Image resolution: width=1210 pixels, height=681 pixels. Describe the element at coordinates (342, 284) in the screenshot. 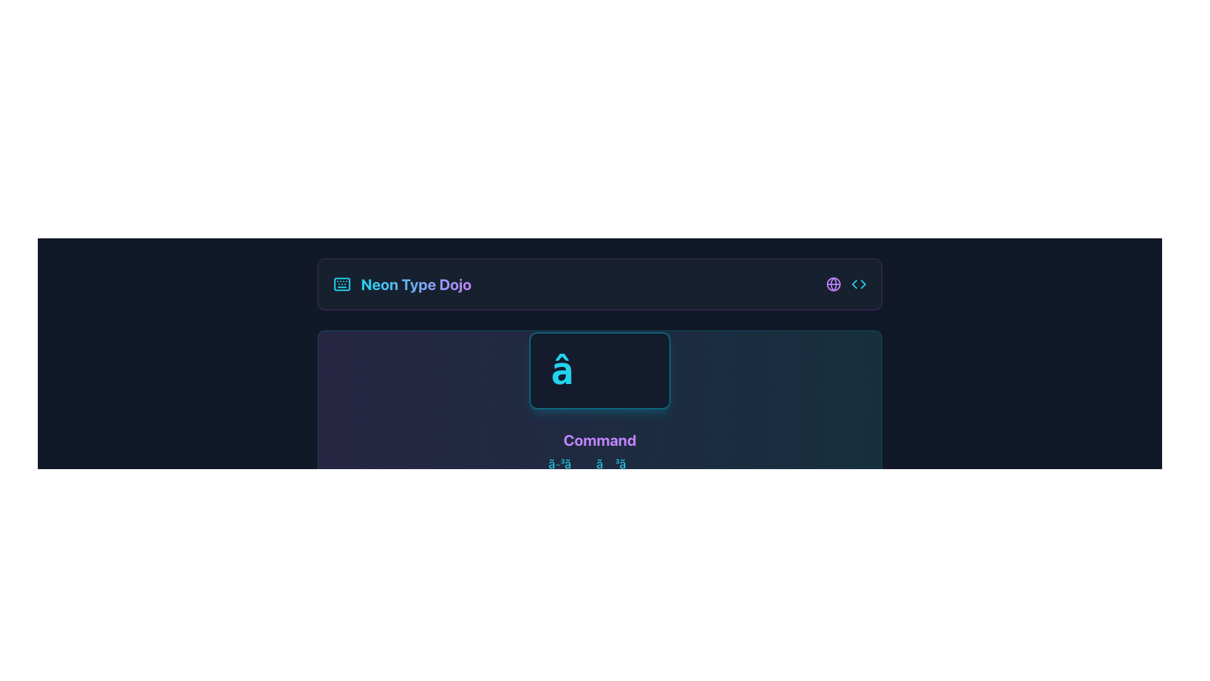

I see `the keyboard icon located at the top left corner of the menu bar, positioned to the left of the text 'Neon Type Dojo'` at that location.